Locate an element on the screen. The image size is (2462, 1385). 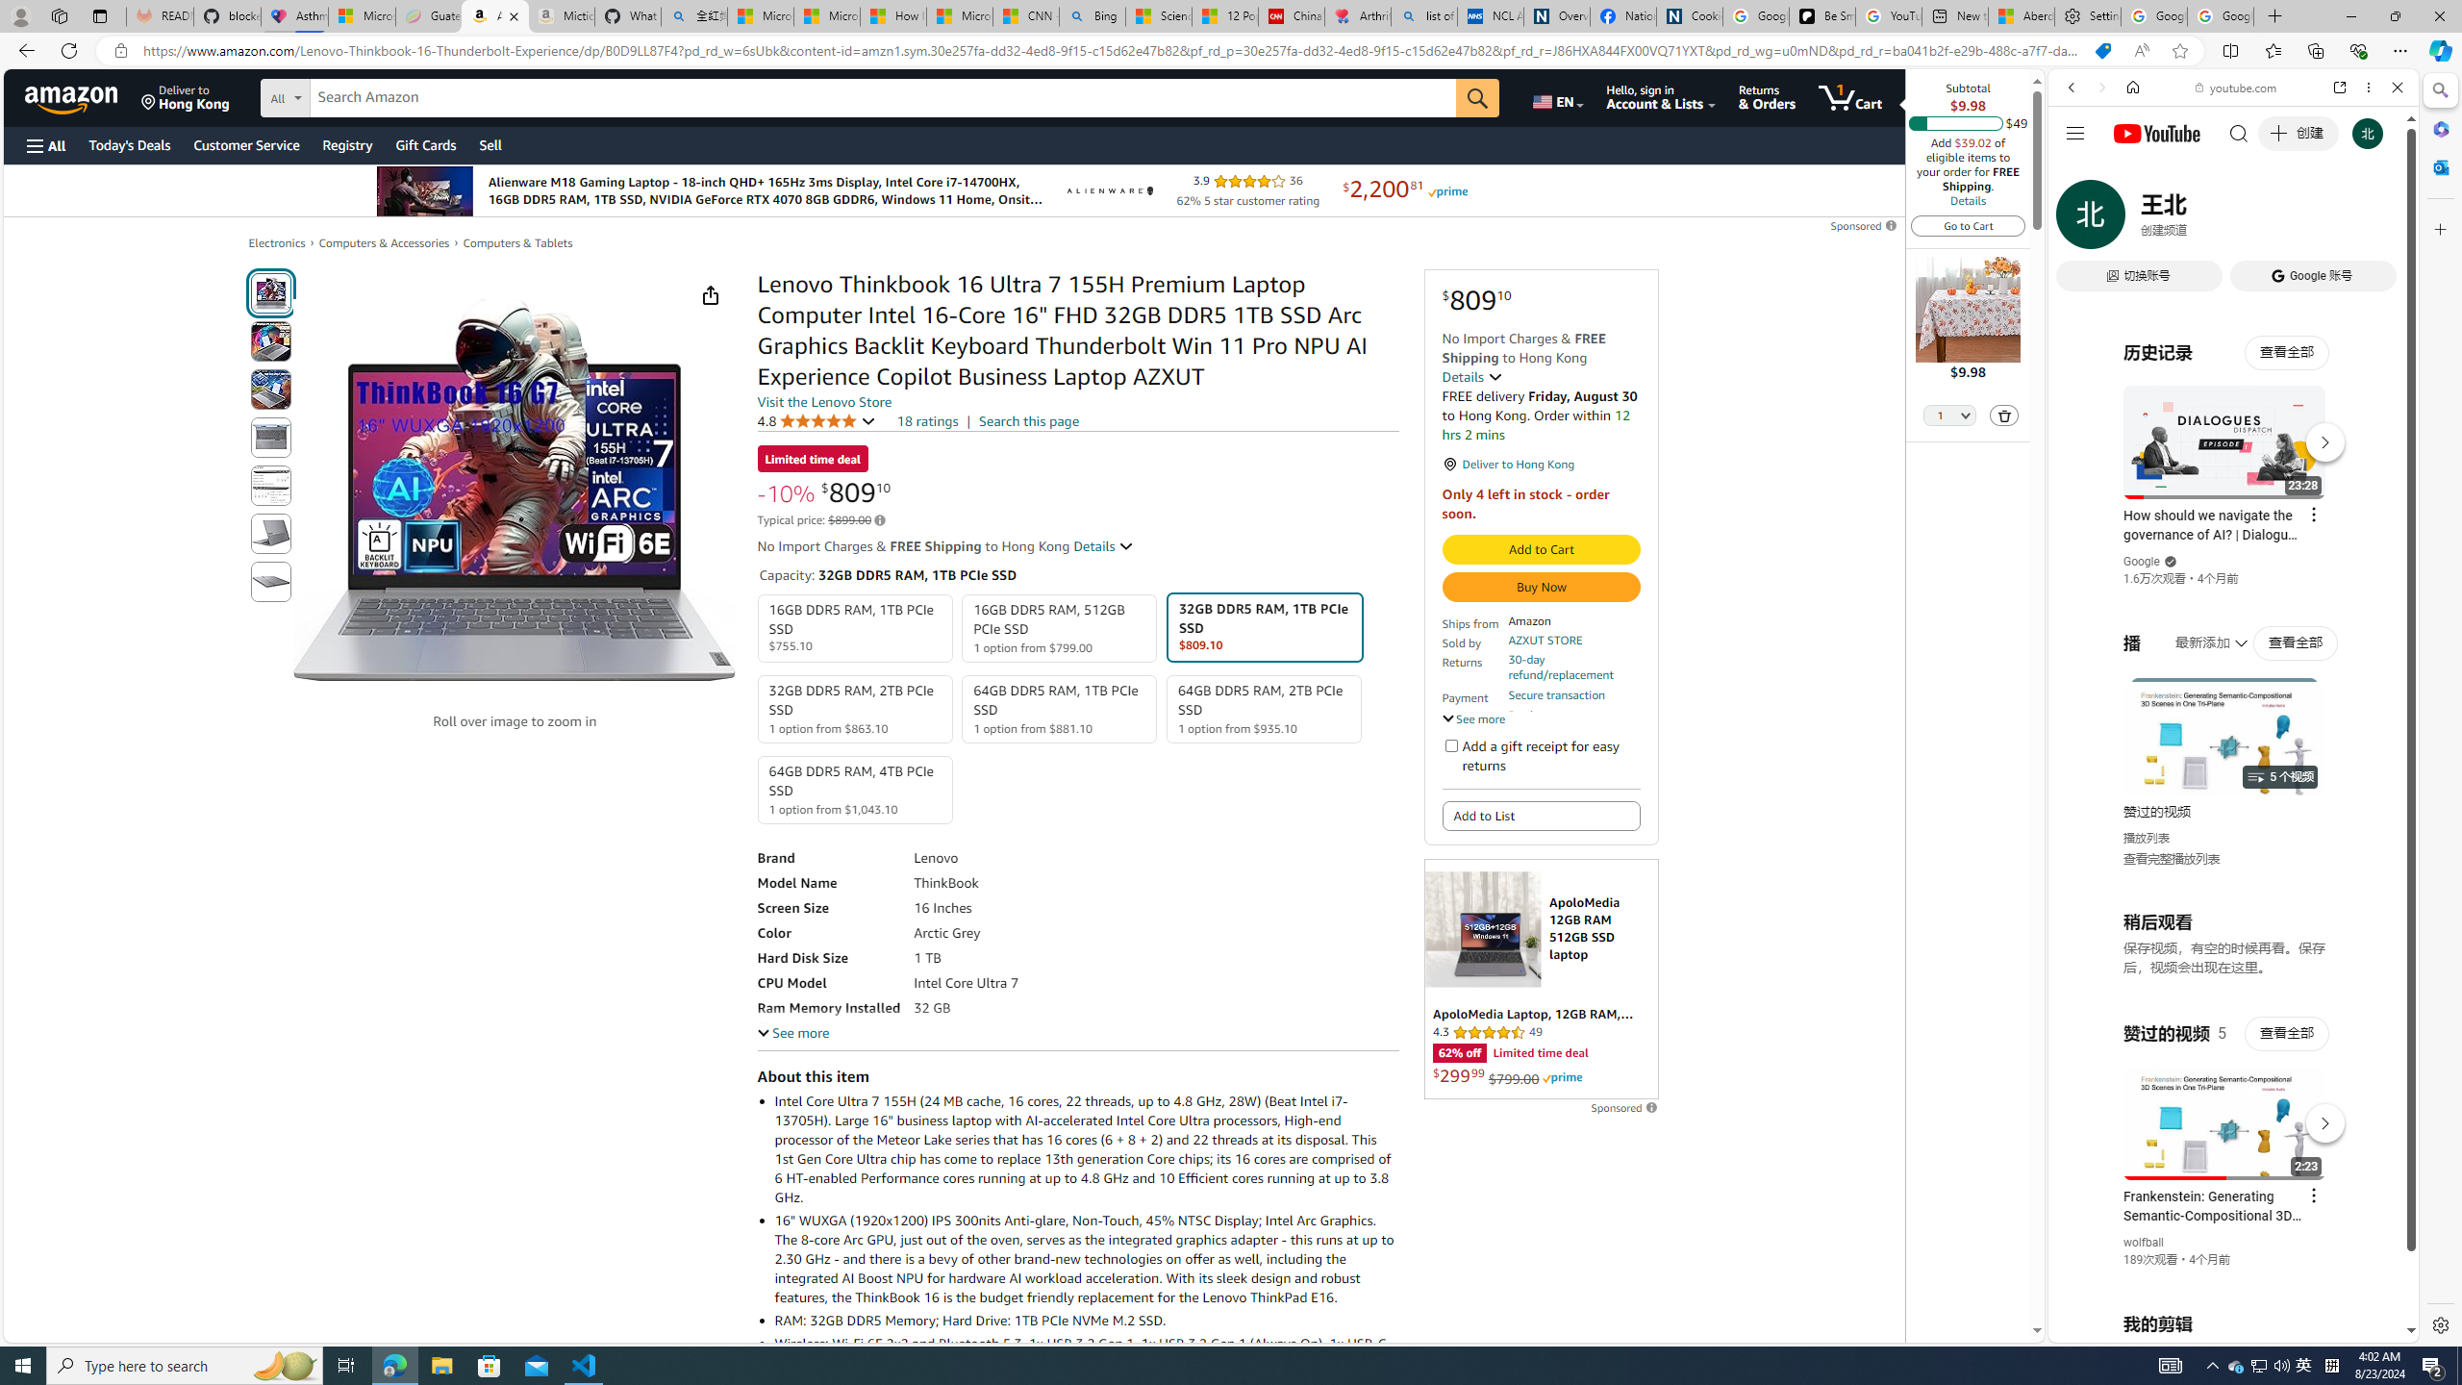
'Today' is located at coordinates (129, 144).